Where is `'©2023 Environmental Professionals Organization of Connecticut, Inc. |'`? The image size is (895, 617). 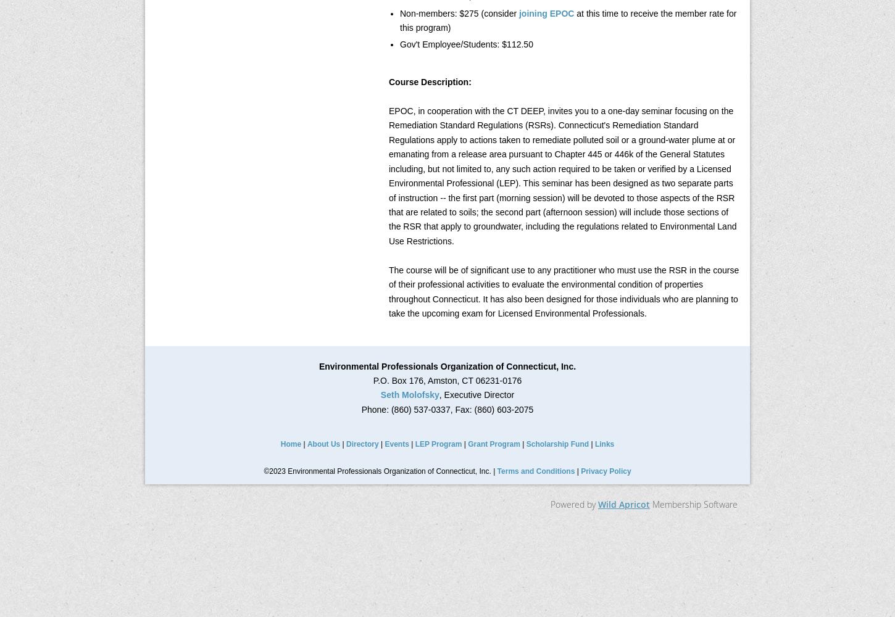
'©2023 Environmental Professionals Organization of Connecticut, Inc. |' is located at coordinates (379, 471).